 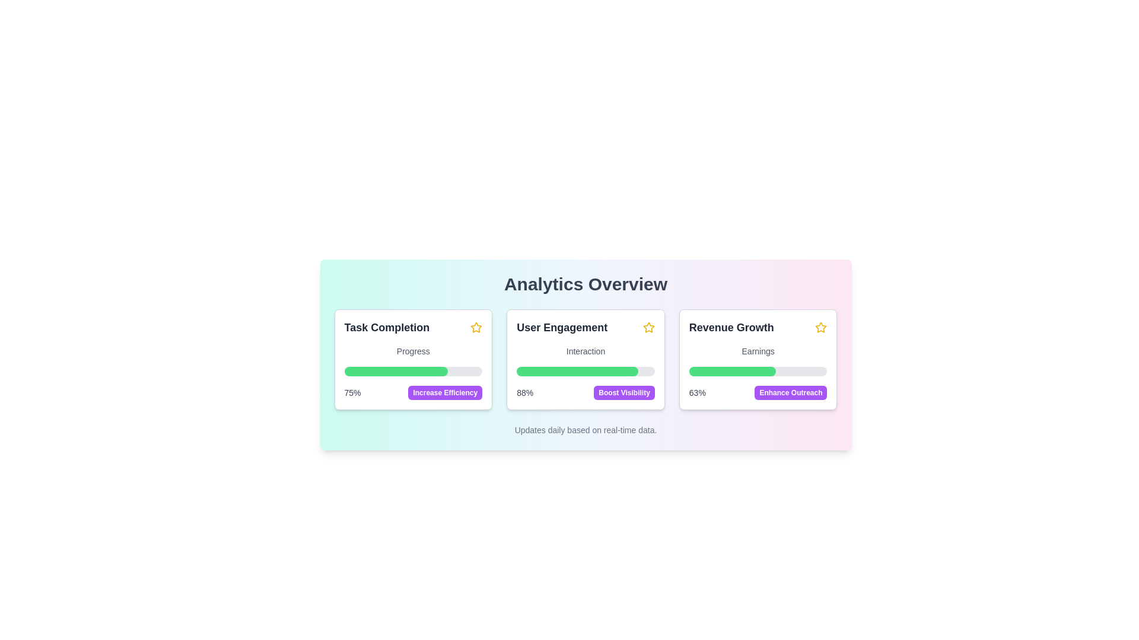 I want to click on the Progress indicator, which is a green bar located within the 'Task Completion' card, under the 'Progress' label and above the '75%' percentage label and 'Increase Efficiency' button, so click(x=396, y=371).